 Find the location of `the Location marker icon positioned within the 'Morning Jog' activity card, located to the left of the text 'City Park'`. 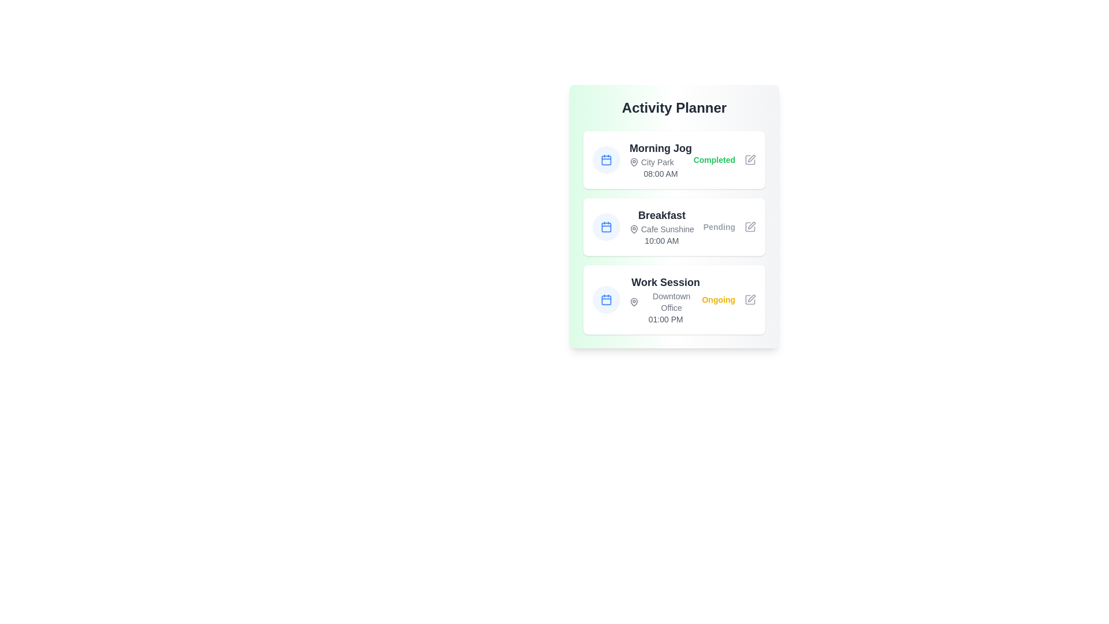

the Location marker icon positioned within the 'Morning Jog' activity card, located to the left of the text 'City Park' is located at coordinates (634, 162).